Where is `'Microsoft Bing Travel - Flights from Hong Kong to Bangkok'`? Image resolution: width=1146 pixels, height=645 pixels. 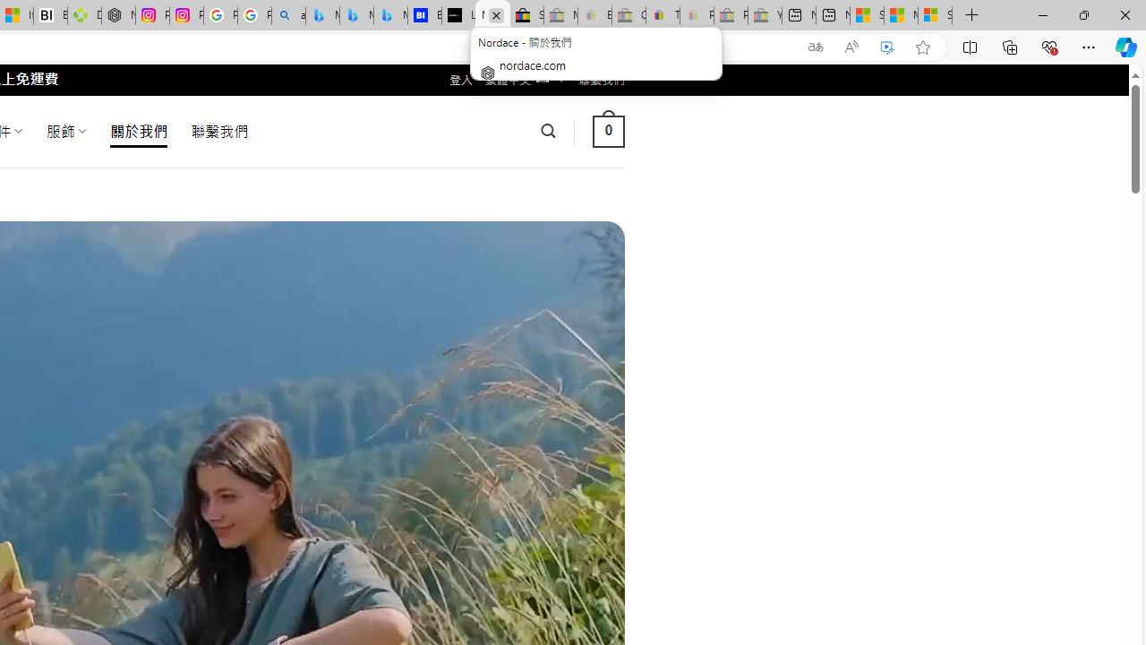 'Microsoft Bing Travel - Flights from Hong Kong to Bangkok' is located at coordinates (322, 15).